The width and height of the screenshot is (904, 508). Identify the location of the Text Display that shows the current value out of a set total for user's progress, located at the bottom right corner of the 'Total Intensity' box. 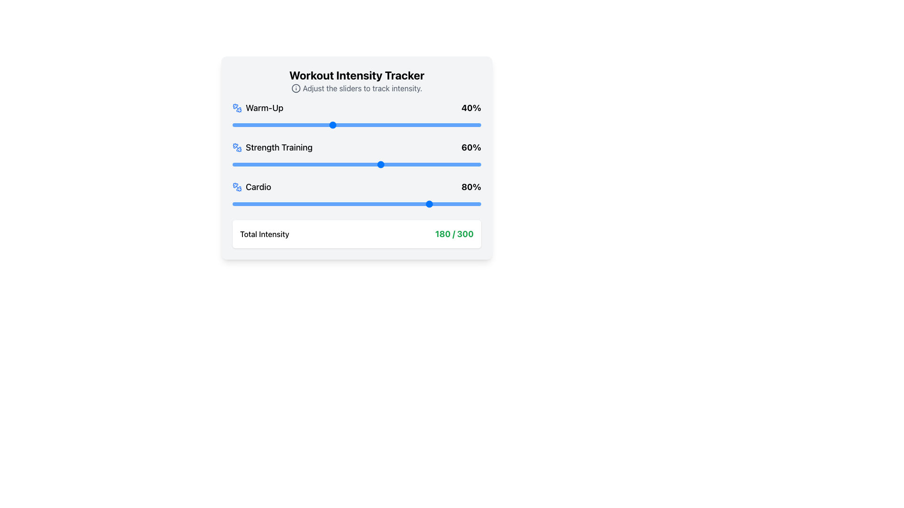
(454, 233).